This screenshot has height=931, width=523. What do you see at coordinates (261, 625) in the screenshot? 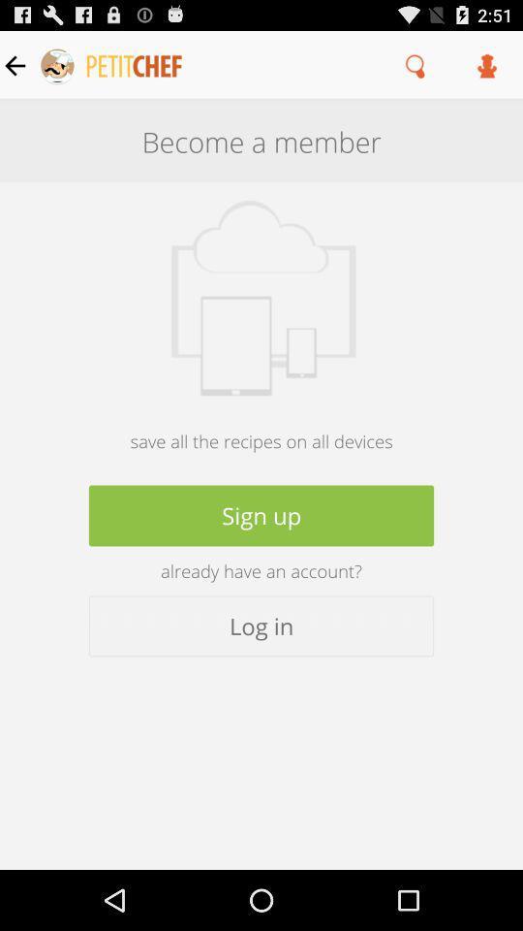
I see `the item below already have an item` at bounding box center [261, 625].